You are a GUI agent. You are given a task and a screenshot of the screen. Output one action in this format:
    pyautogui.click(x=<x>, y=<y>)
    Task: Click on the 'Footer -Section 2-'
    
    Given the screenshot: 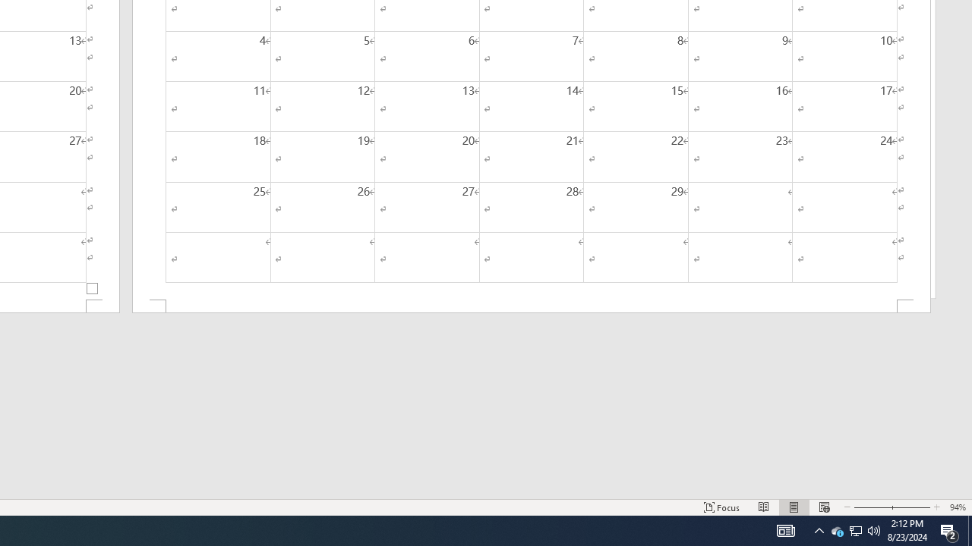 What is the action you would take?
    pyautogui.click(x=532, y=306)
    